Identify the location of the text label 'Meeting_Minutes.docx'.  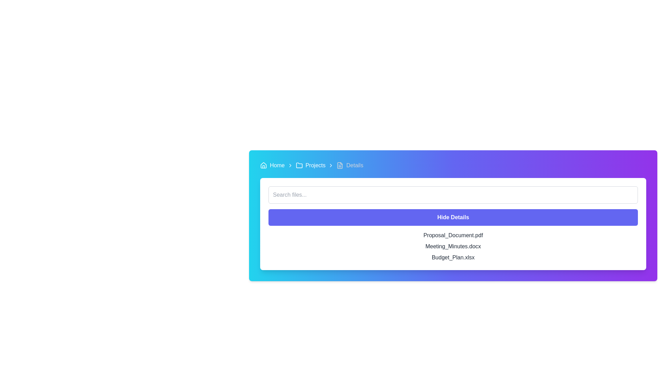
(453, 246).